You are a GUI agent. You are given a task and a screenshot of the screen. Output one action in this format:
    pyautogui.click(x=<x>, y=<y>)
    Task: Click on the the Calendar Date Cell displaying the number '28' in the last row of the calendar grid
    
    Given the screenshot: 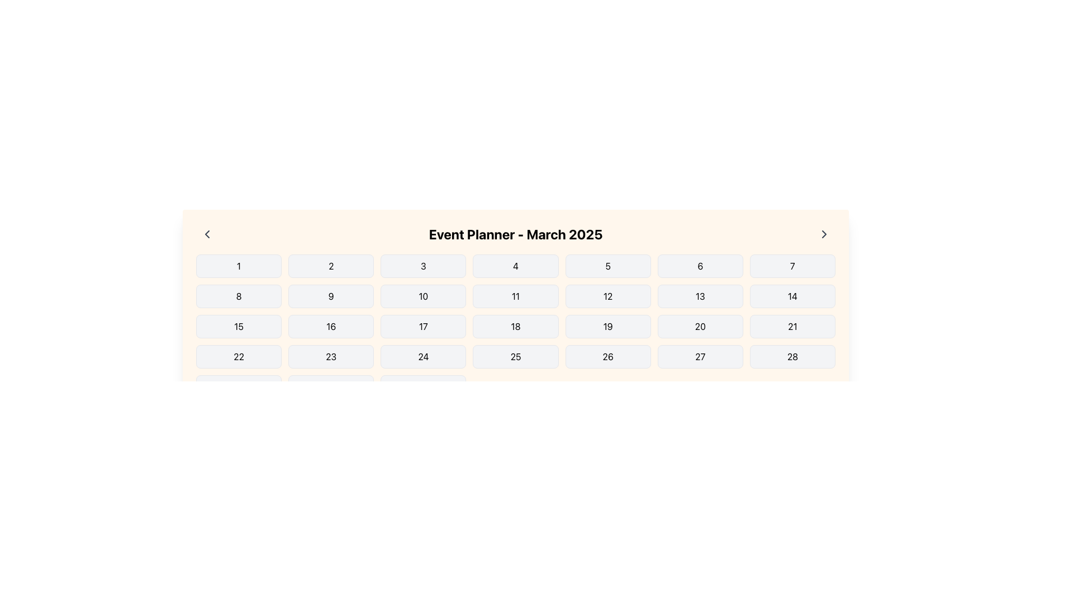 What is the action you would take?
    pyautogui.click(x=792, y=356)
    